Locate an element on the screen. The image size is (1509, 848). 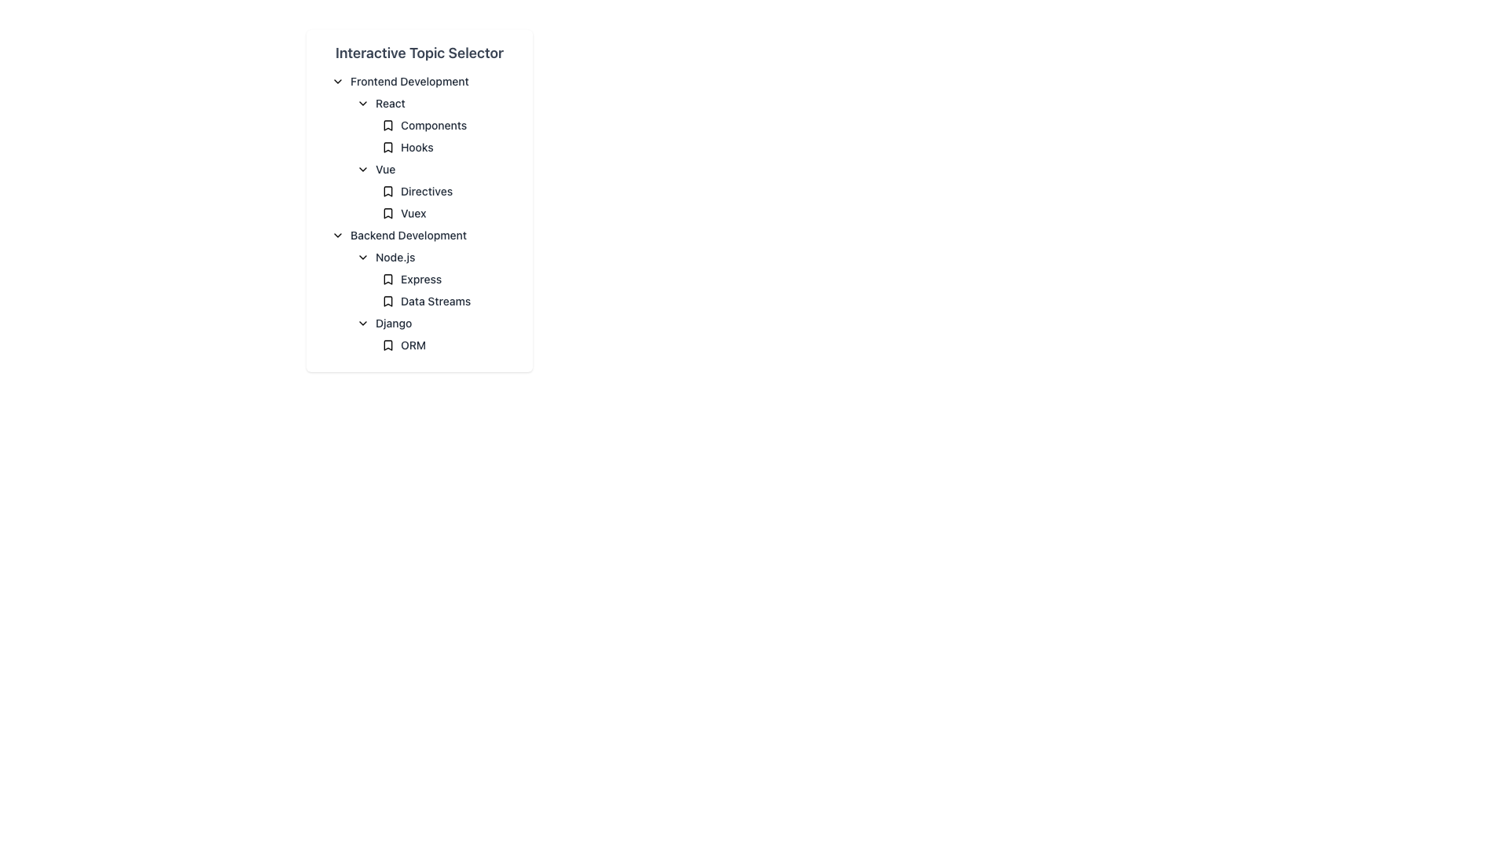
the clickable header for the 'Frontend Development' section located directly underneath 'Interactive Topic Selector' is located at coordinates (426, 82).